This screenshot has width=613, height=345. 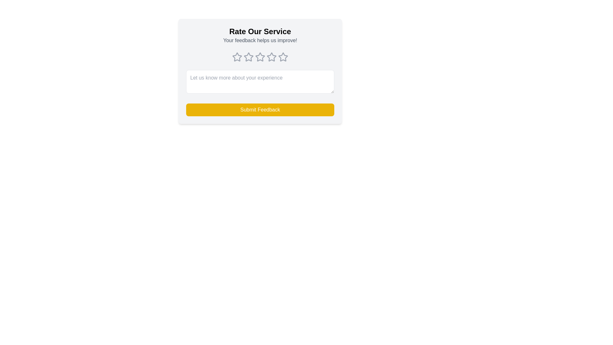 I want to click on inside the wide rectangular text area with a rounded border that has the placeholder text 'Let us know more about your experience' to focus, so click(x=260, y=82).